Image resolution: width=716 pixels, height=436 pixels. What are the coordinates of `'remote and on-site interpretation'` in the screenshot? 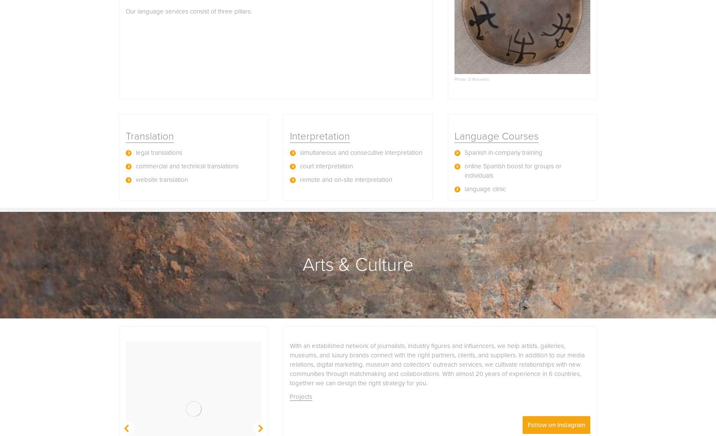 It's located at (346, 179).